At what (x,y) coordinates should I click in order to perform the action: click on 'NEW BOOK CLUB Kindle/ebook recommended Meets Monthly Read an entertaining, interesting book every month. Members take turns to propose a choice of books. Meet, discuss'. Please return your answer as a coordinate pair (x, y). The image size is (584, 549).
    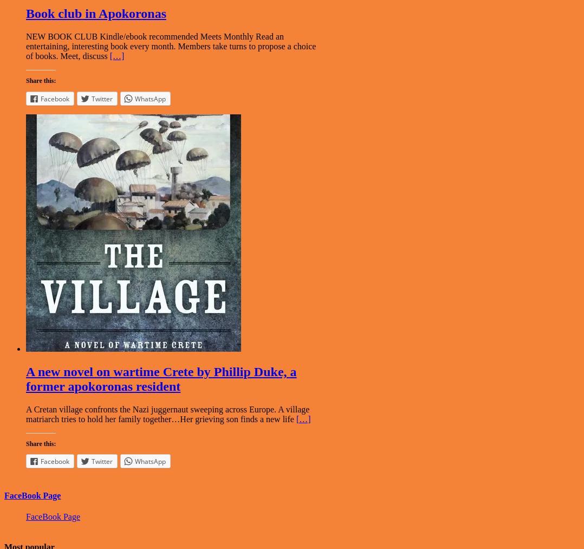
    Looking at the image, I should click on (25, 46).